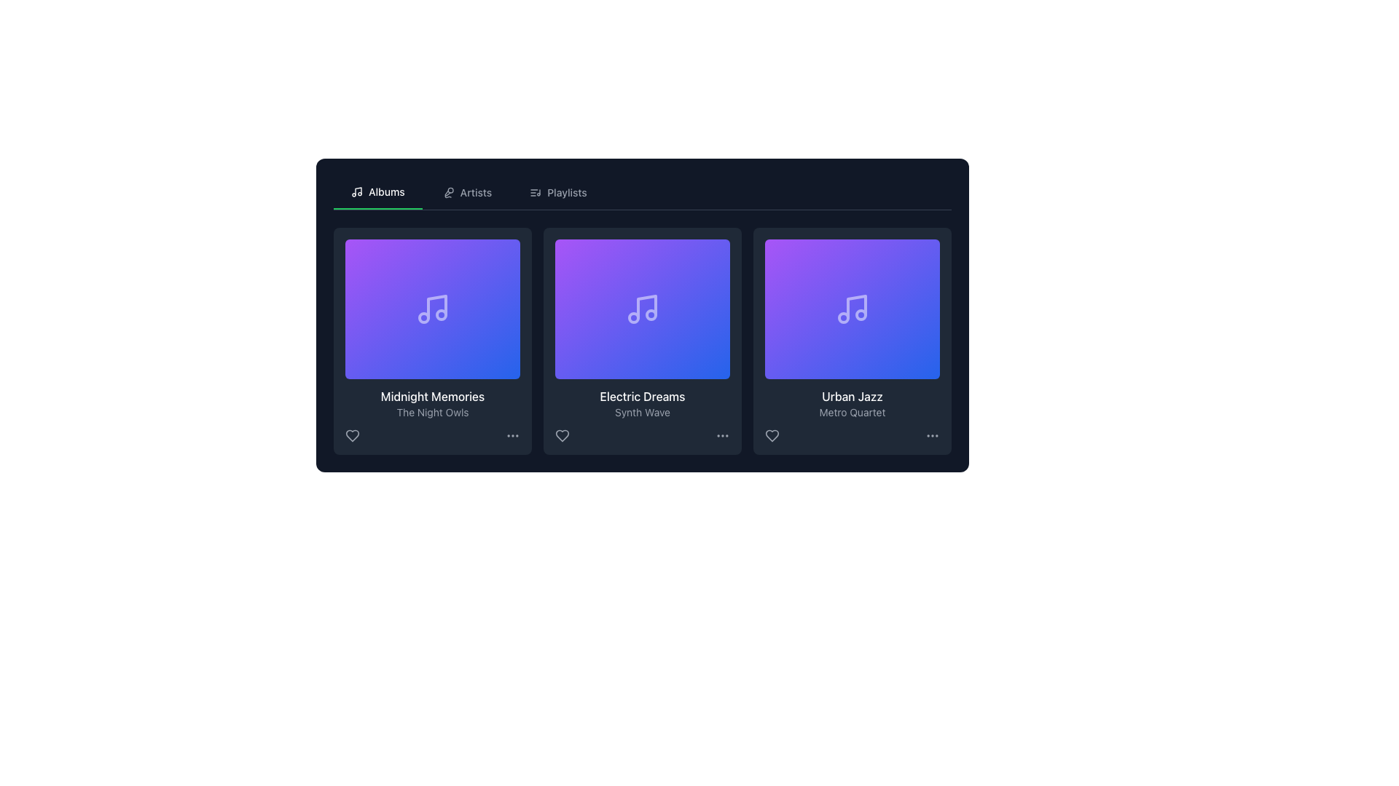  Describe the element at coordinates (642, 308) in the screenshot. I see `the 'Electric Dreams' album card located in the middle slot of the grid layout under the 'Albums' section` at that location.